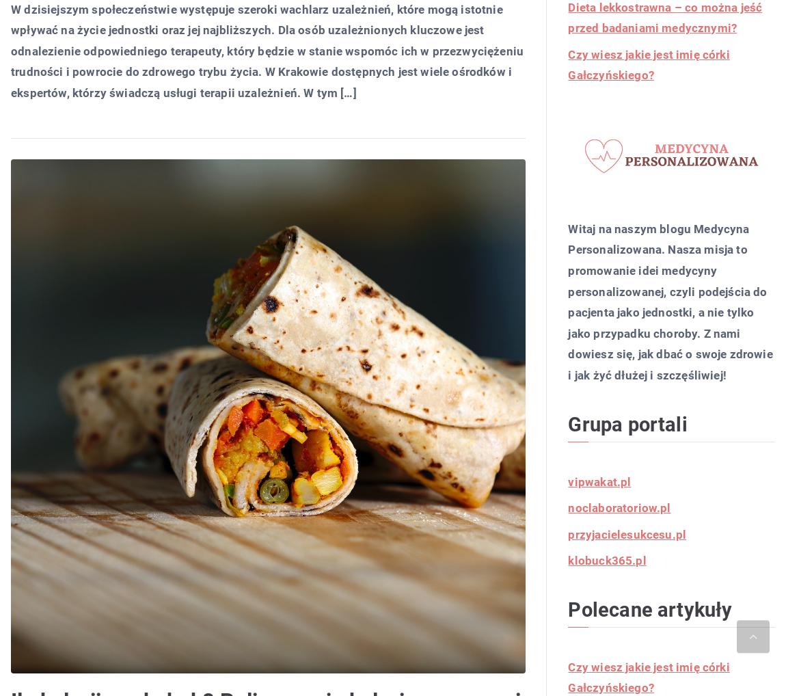 The width and height of the screenshot is (786, 696). I want to click on 'przyjacielesukcesu.pl', so click(627, 534).